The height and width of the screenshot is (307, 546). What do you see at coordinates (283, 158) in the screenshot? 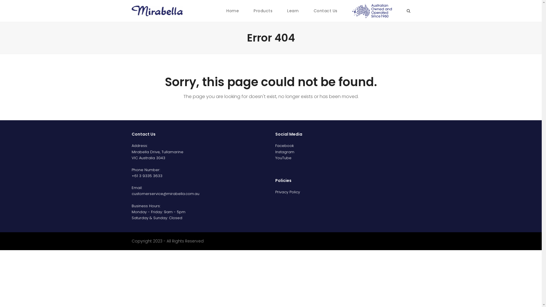
I see `'YouTube'` at bounding box center [283, 158].